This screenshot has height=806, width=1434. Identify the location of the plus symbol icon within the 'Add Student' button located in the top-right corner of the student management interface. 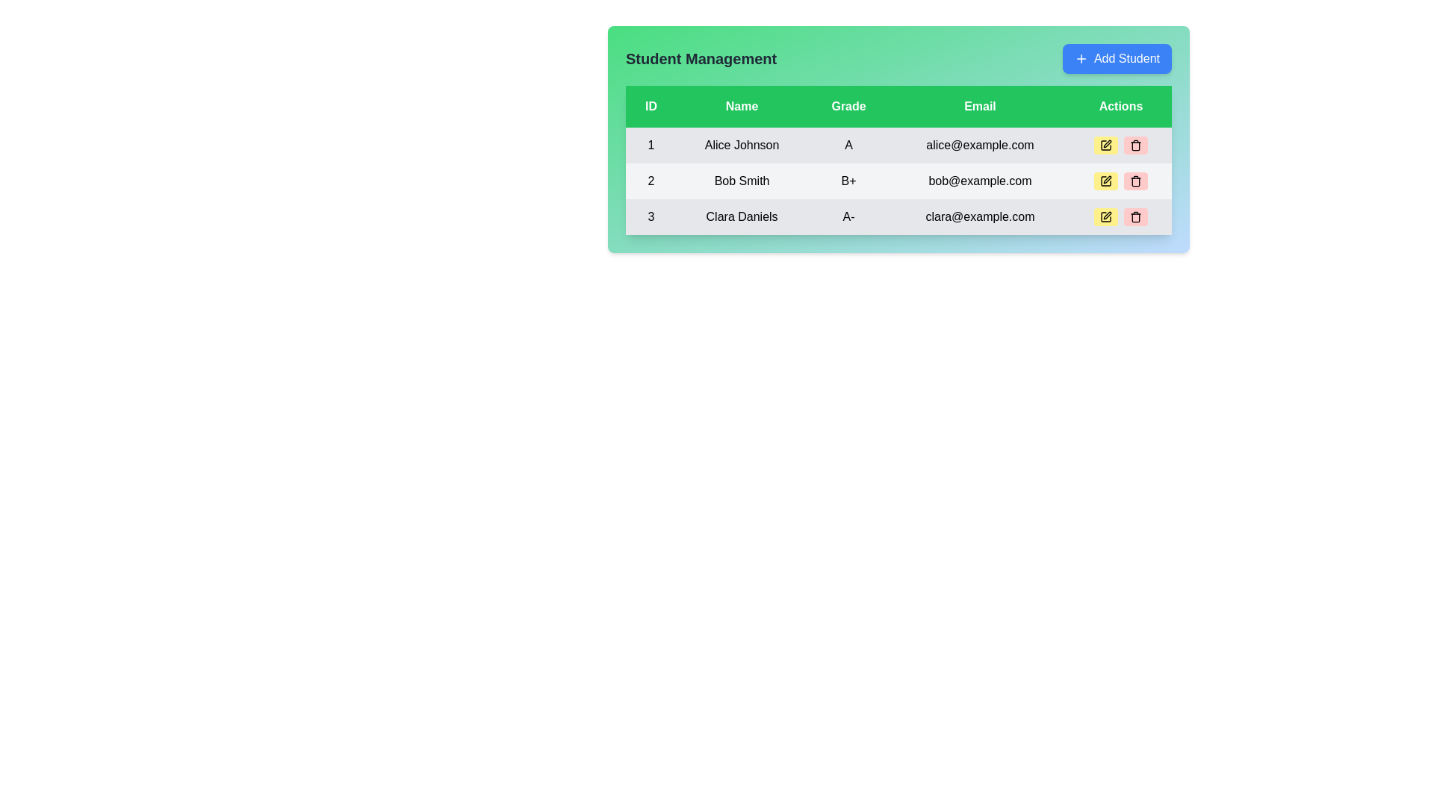
(1081, 57).